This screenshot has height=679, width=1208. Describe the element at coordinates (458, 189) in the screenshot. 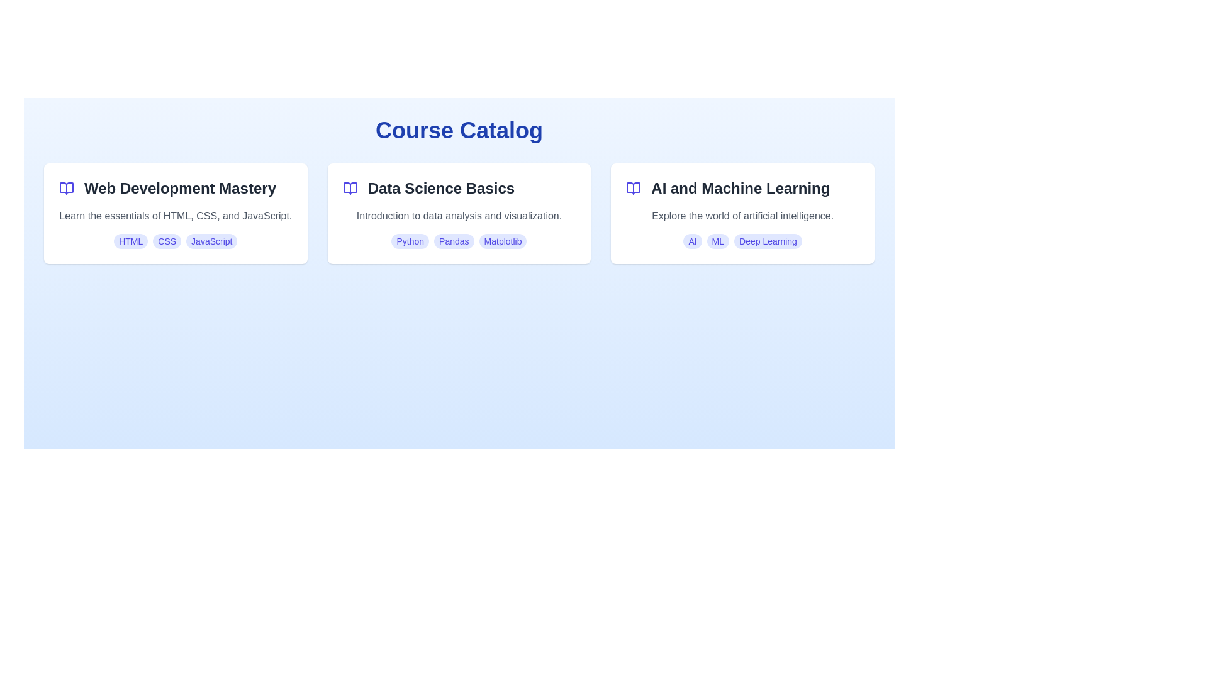

I see `title text of the middle card representing 'Data Science Basics', which is located at the top section above the subtitle and tags` at that location.